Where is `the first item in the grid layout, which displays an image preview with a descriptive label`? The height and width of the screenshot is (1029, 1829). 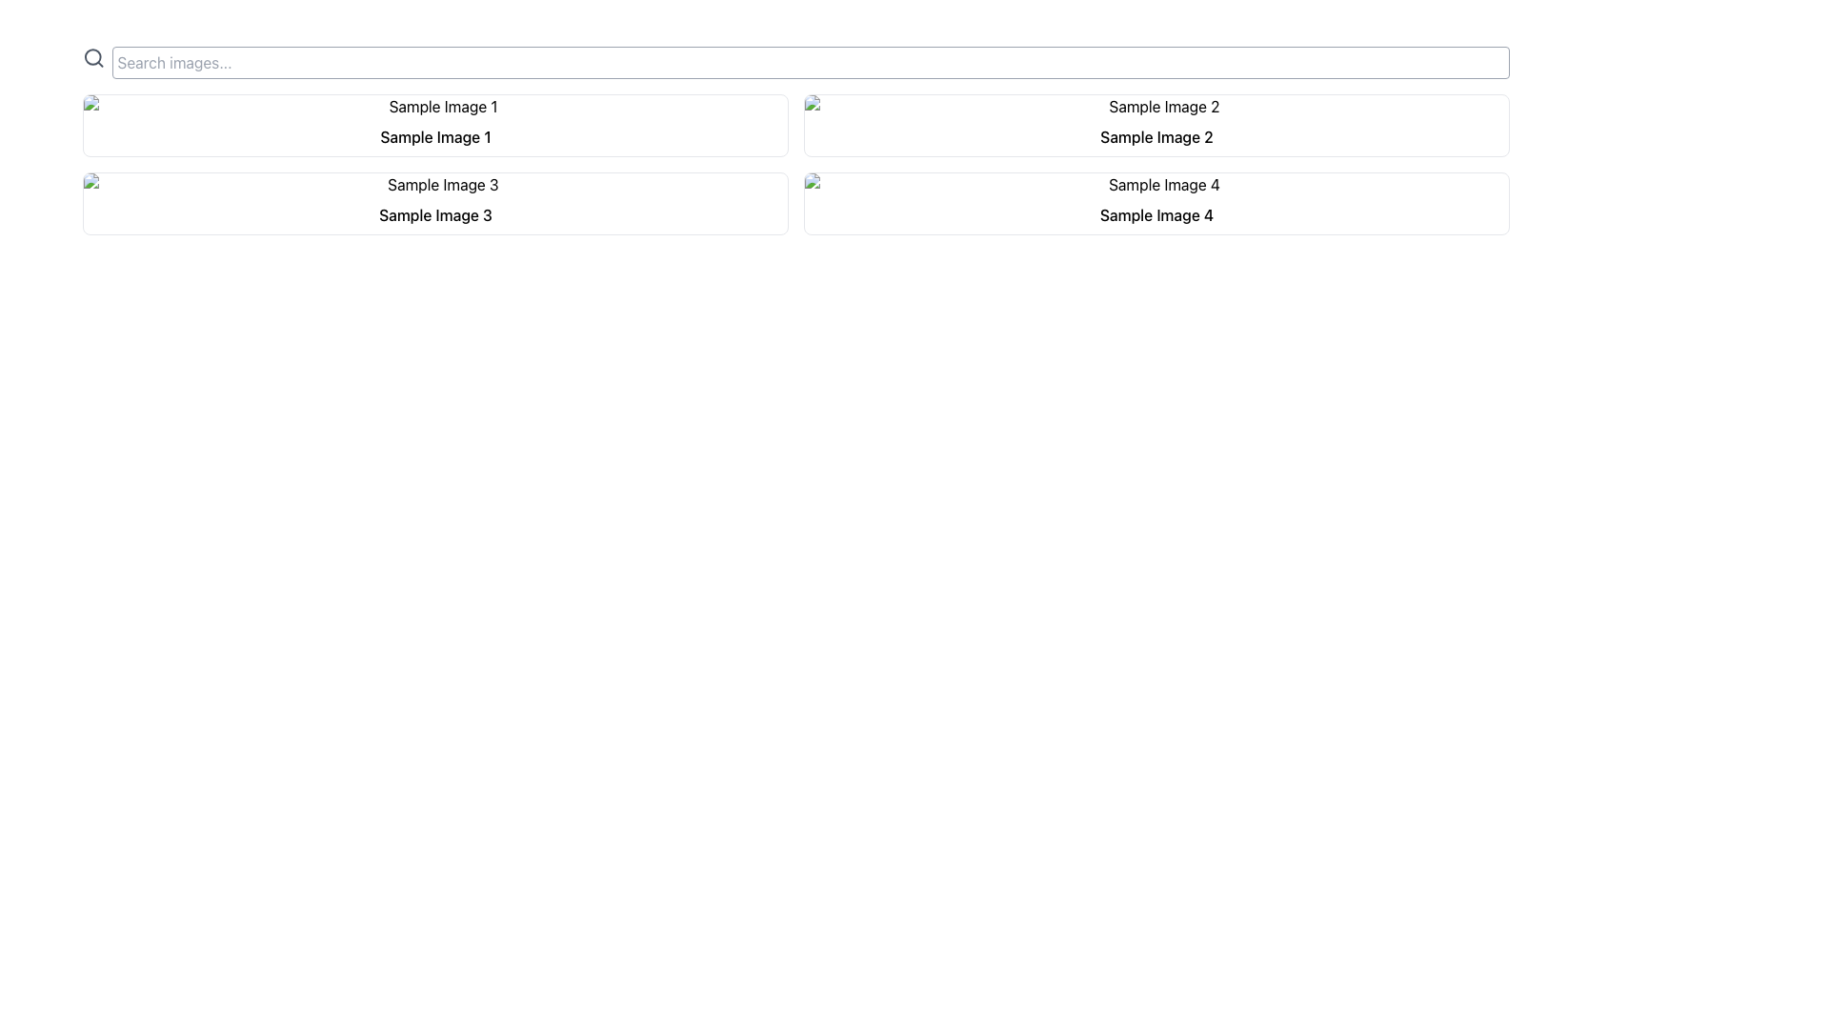
the first item in the grid layout, which displays an image preview with a descriptive label is located at coordinates (434, 125).